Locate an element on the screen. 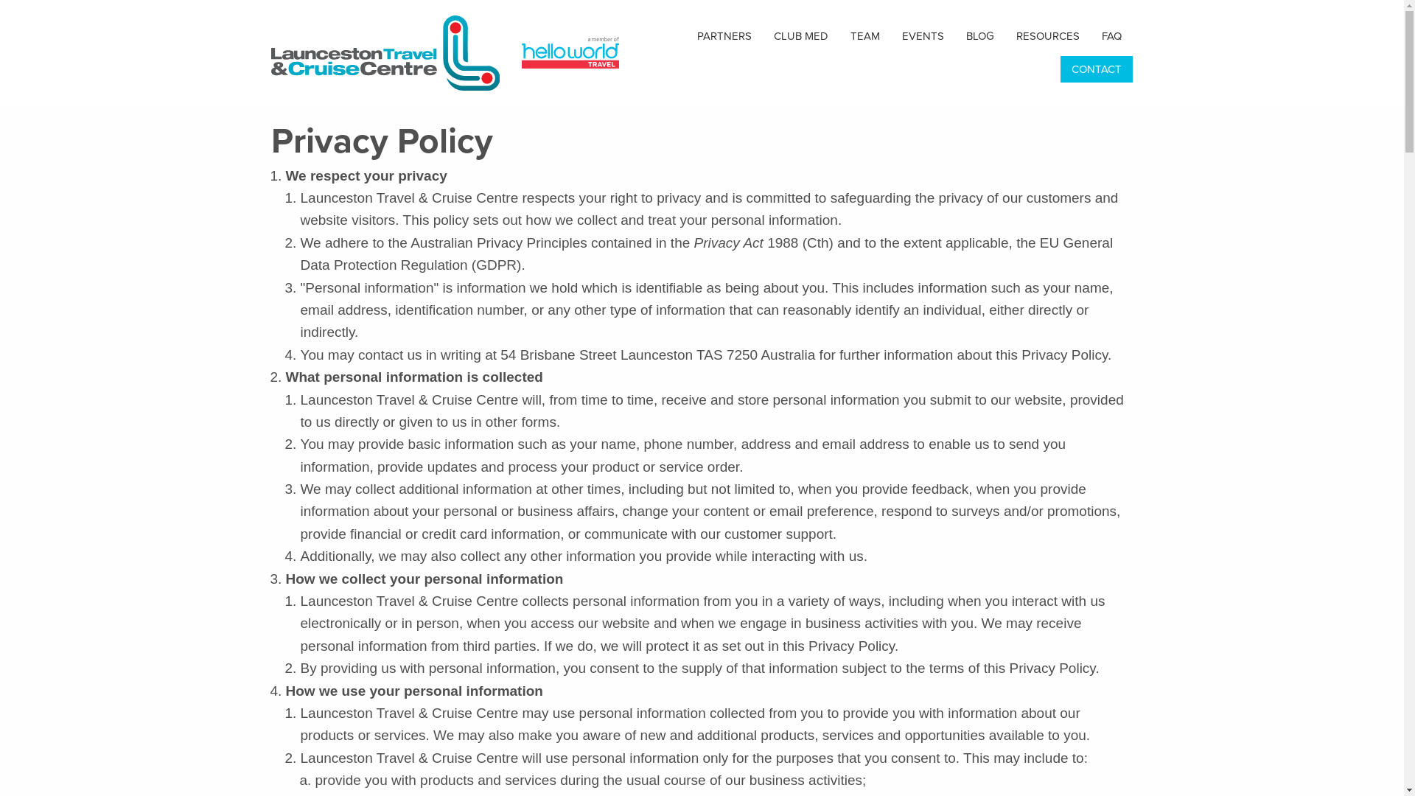 The height and width of the screenshot is (796, 1415). 'BLOG' is located at coordinates (955, 35).